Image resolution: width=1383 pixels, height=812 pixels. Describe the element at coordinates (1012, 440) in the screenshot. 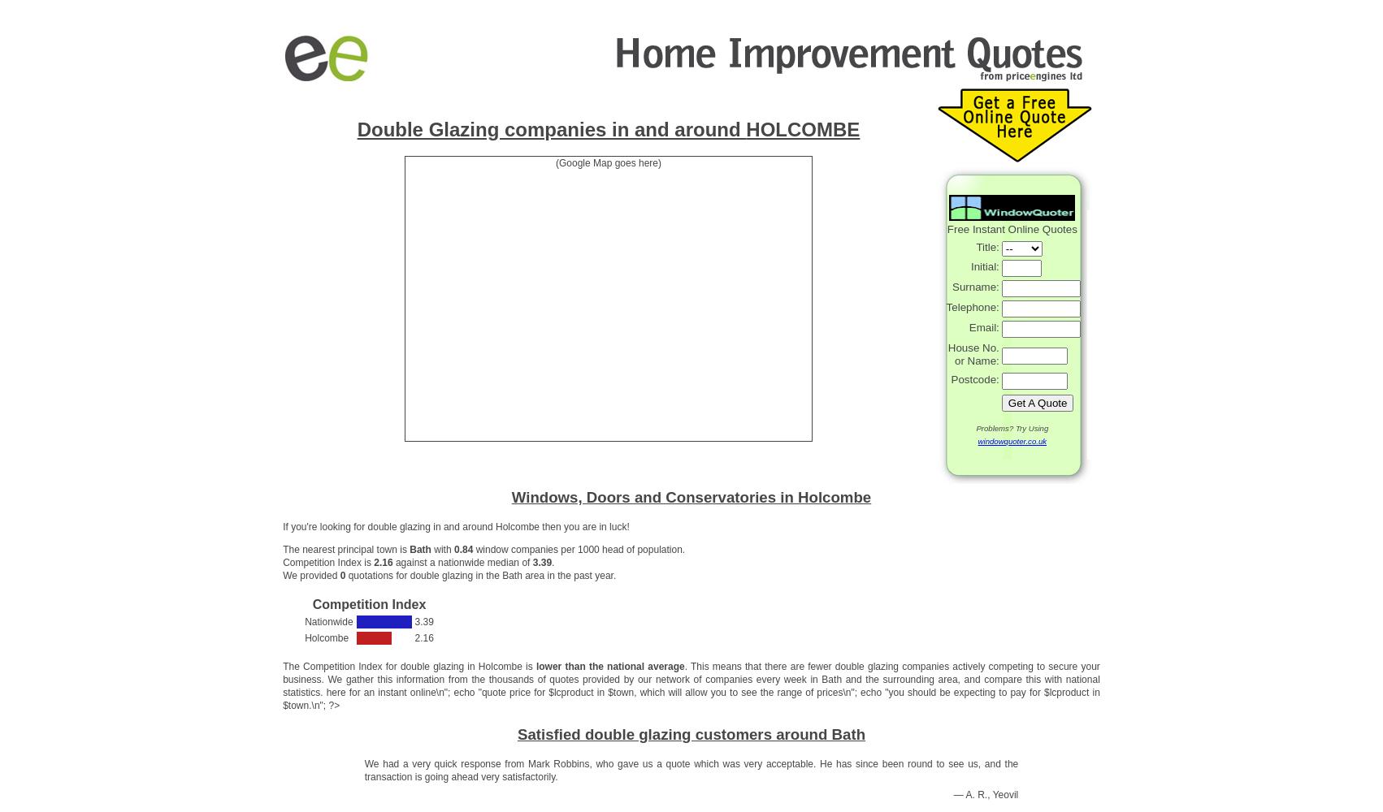

I see `'windowquoter.co.uk'` at that location.